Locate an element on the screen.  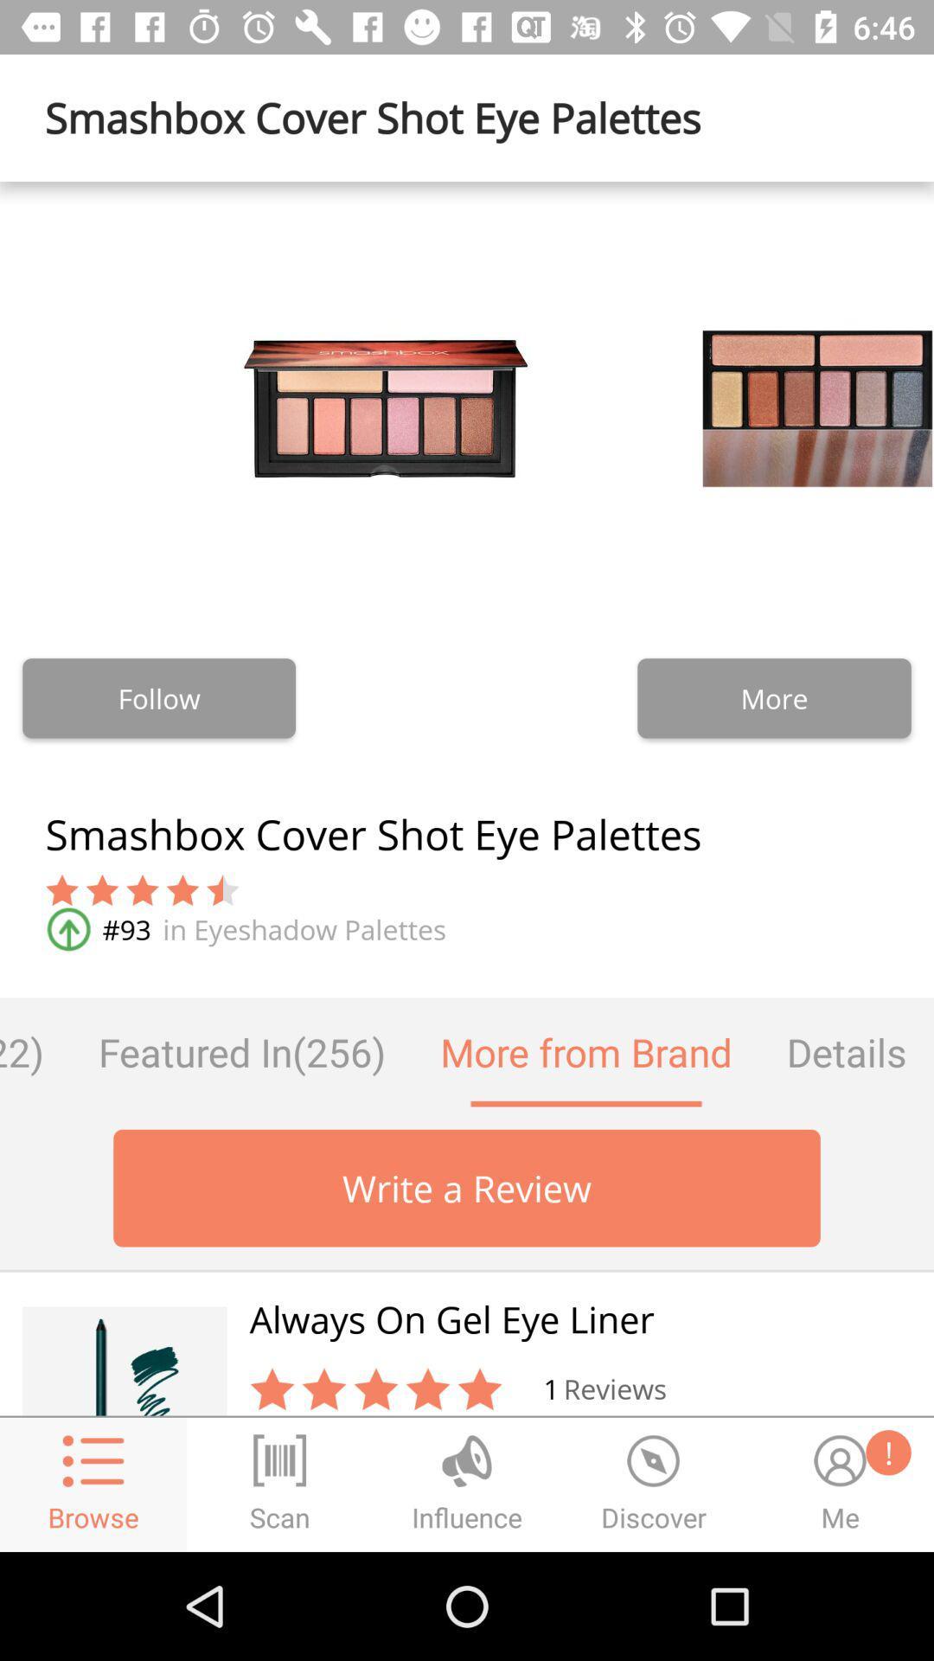
the first star above scan is located at coordinates (272, 1389).